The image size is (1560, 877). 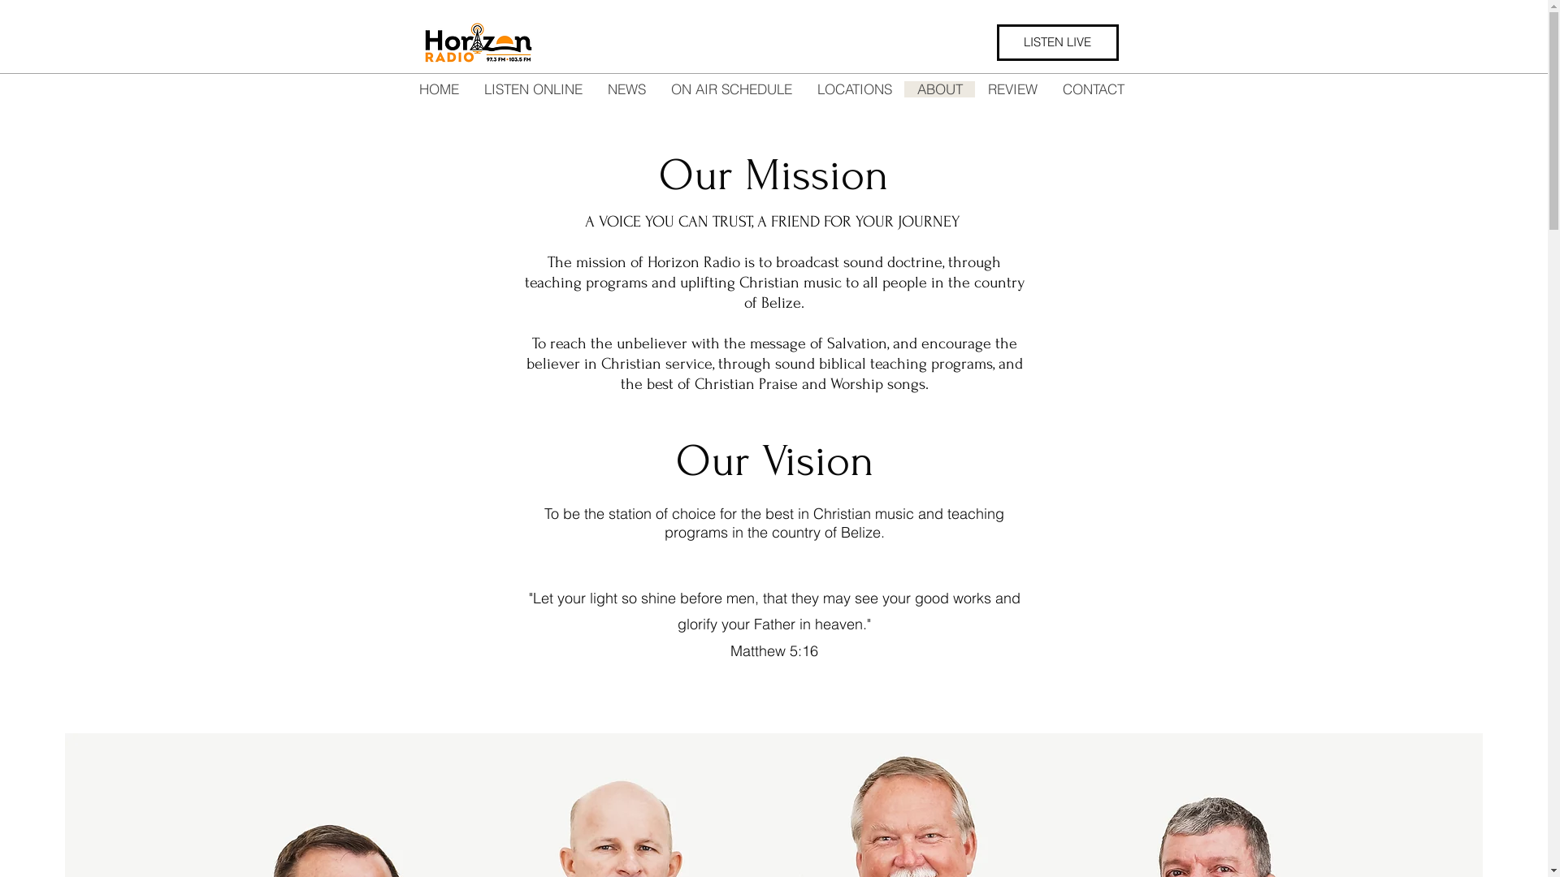 What do you see at coordinates (626, 89) in the screenshot?
I see `'NEWS'` at bounding box center [626, 89].